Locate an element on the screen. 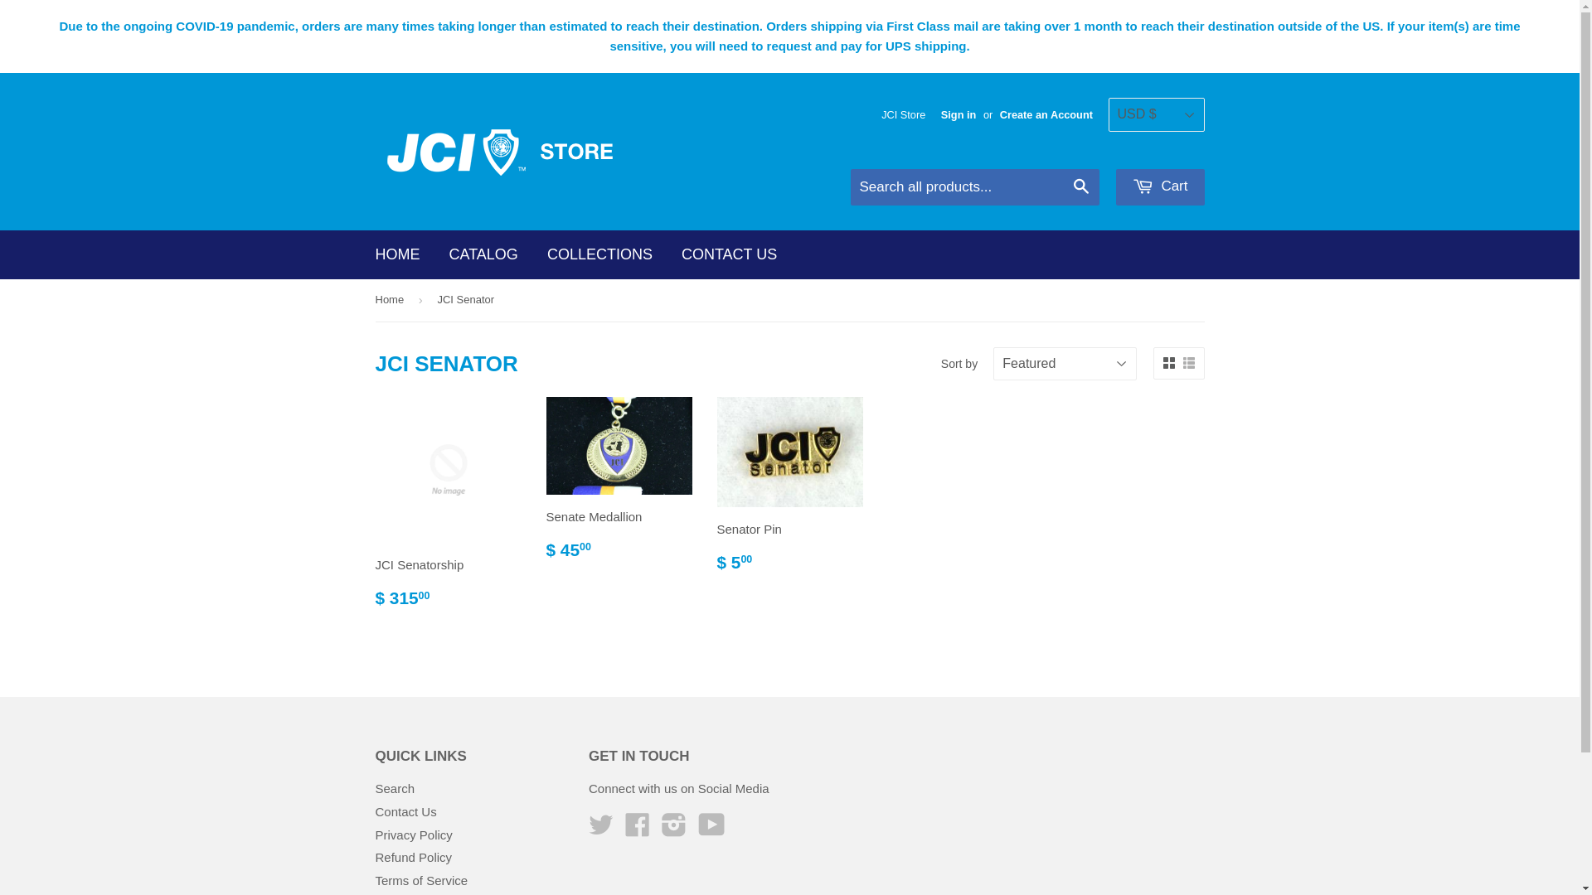  'YouTube' is located at coordinates (711, 830).